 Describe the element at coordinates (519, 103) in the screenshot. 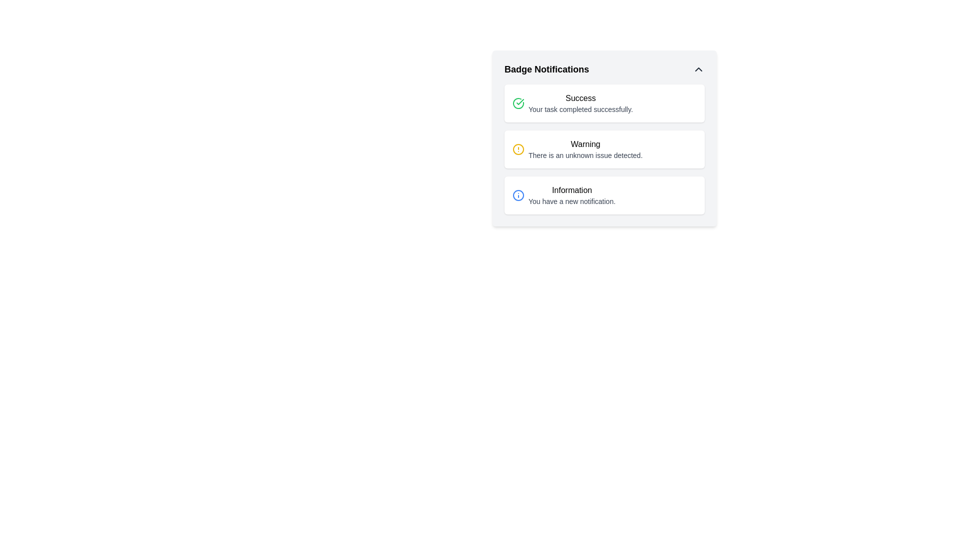

I see `the success icon located at the top-left of the 'Success' notification block` at that location.